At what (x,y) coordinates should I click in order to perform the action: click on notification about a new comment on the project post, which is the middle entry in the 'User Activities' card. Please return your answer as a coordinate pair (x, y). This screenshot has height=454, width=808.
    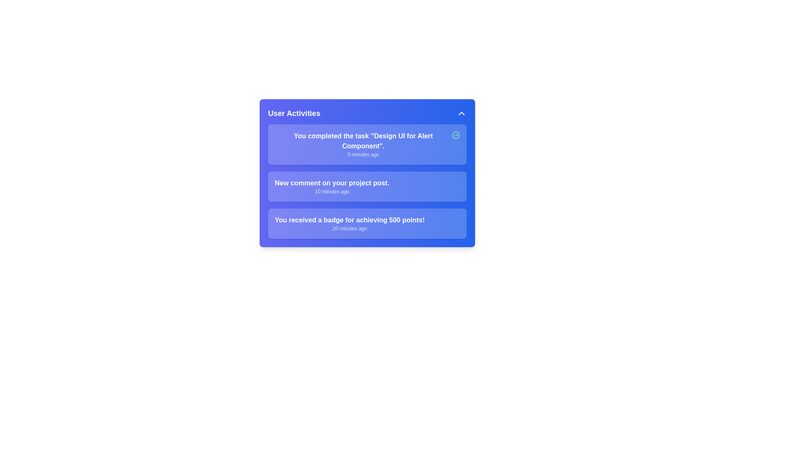
    Looking at the image, I should click on (367, 186).